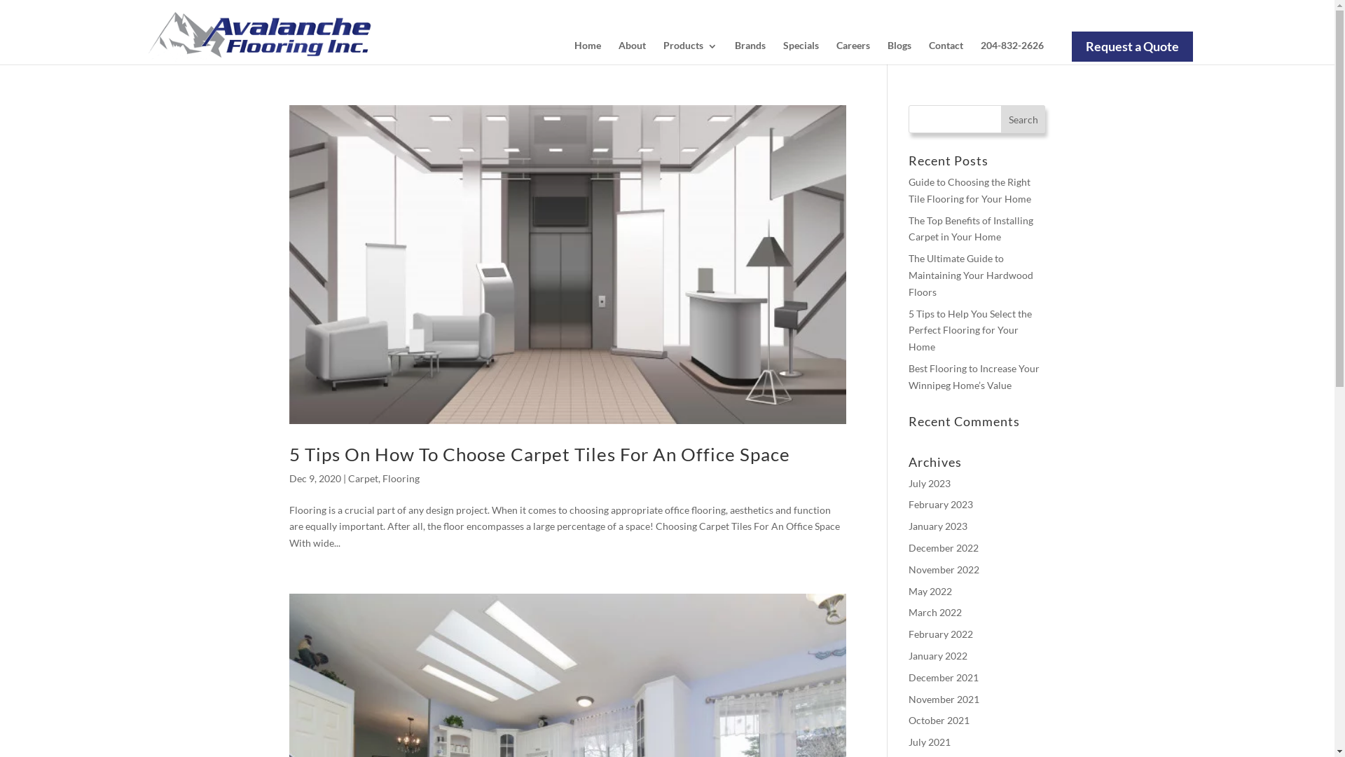  Describe the element at coordinates (941, 503) in the screenshot. I see `'February 2023'` at that location.